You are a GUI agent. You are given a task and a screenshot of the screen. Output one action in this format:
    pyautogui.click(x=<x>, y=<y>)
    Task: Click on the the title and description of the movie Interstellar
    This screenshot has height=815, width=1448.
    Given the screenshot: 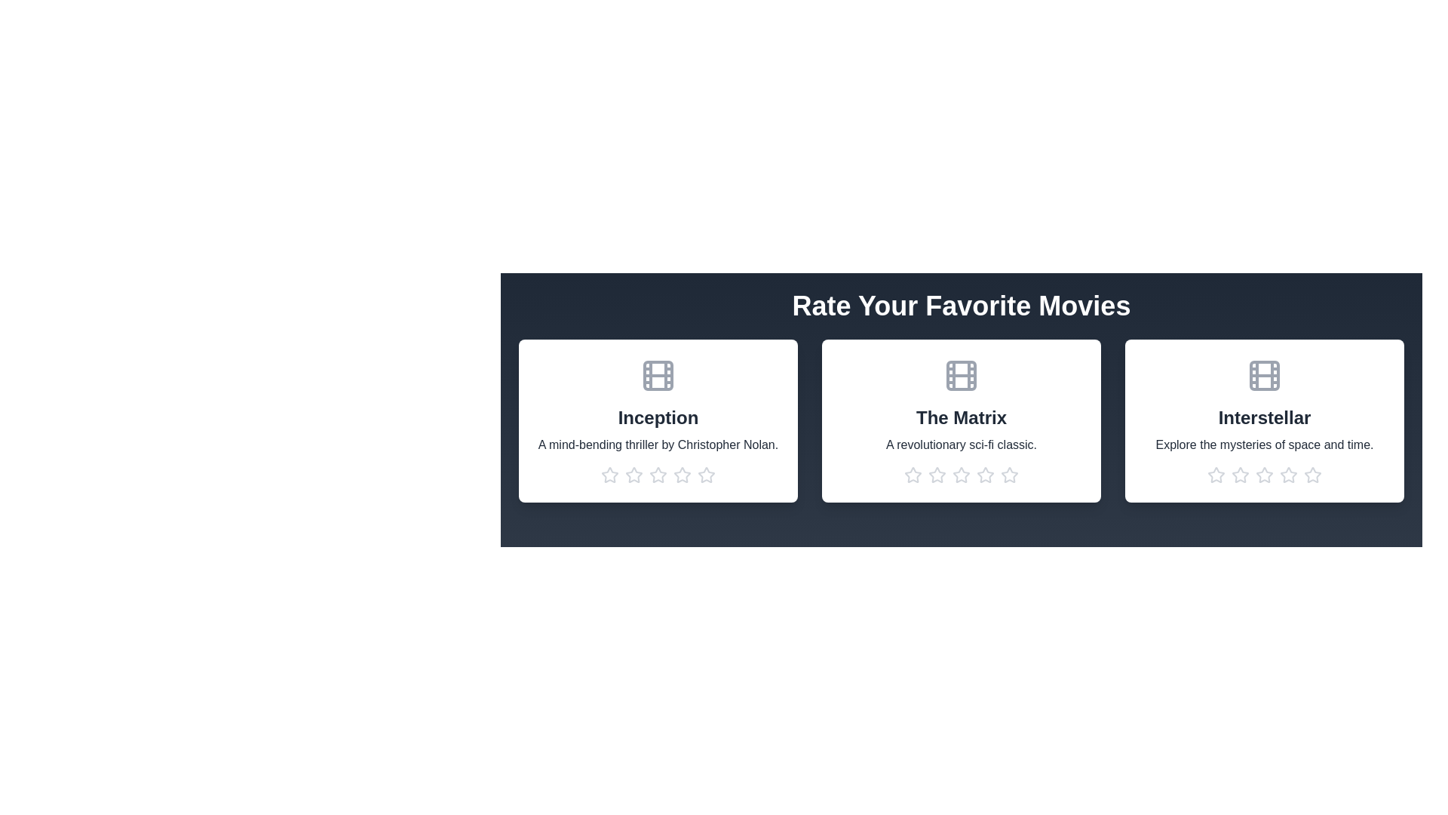 What is the action you would take?
    pyautogui.click(x=1264, y=418)
    